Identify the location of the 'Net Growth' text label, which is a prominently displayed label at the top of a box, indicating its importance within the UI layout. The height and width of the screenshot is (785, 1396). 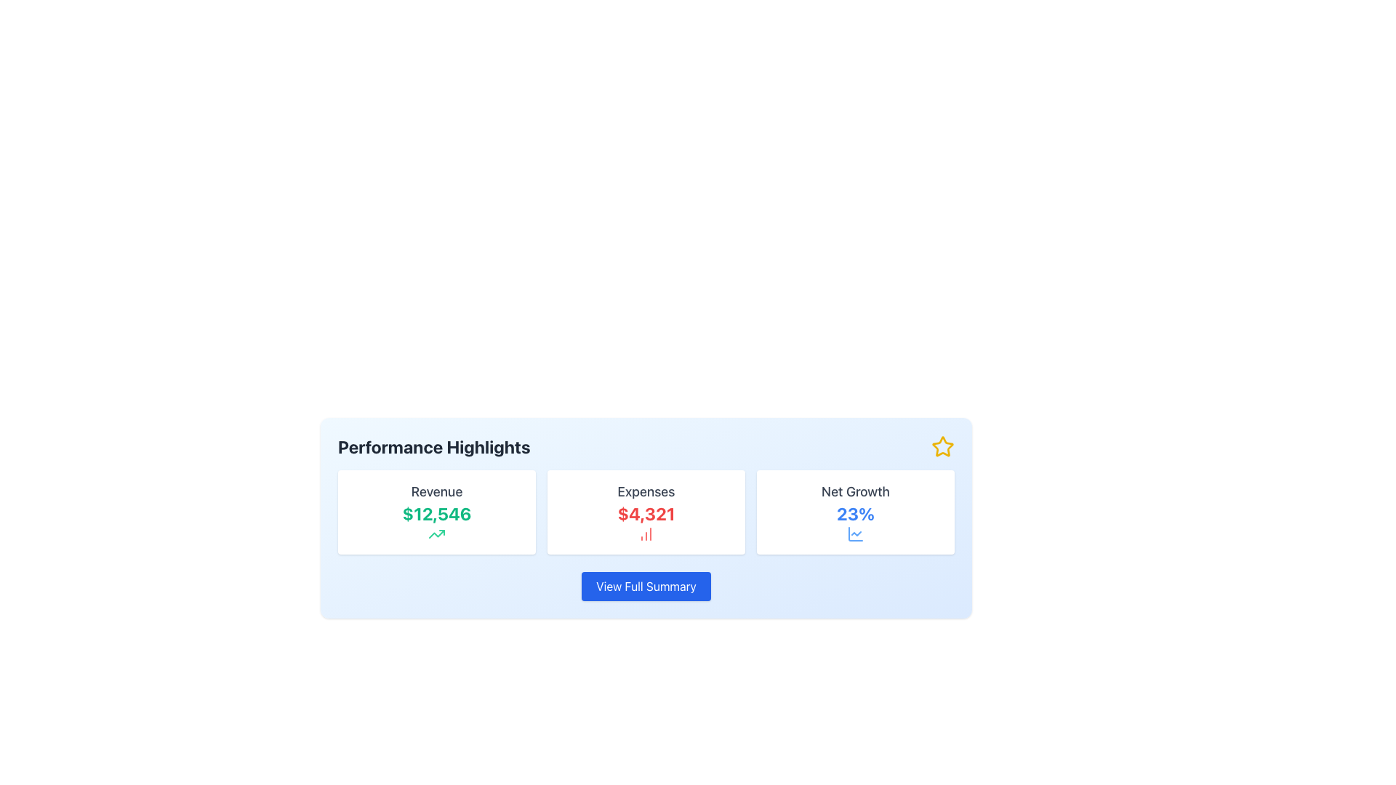
(855, 491).